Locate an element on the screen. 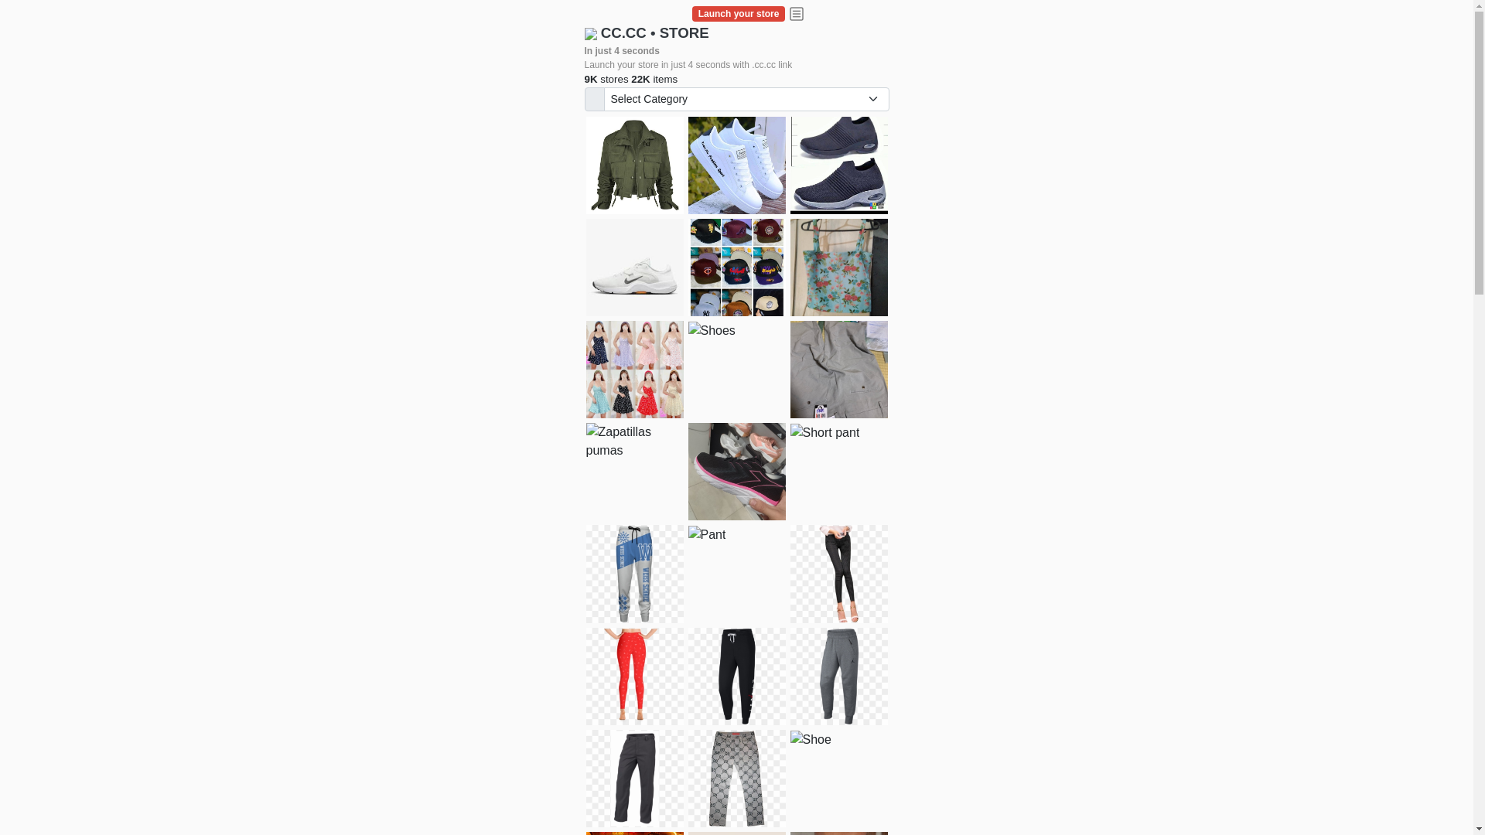  'Short pant' is located at coordinates (824, 432).